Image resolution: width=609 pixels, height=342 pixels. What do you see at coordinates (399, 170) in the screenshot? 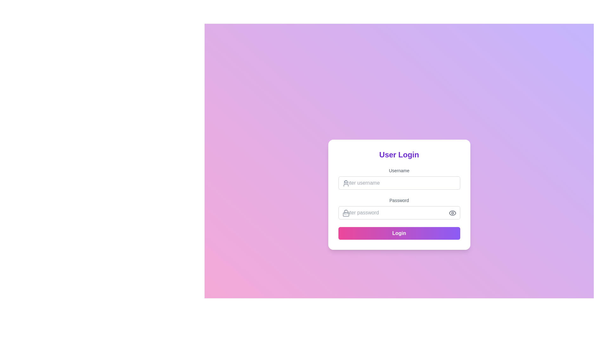
I see `the 'Username' text label, which is a small light gray label positioned above the username input field` at bounding box center [399, 170].